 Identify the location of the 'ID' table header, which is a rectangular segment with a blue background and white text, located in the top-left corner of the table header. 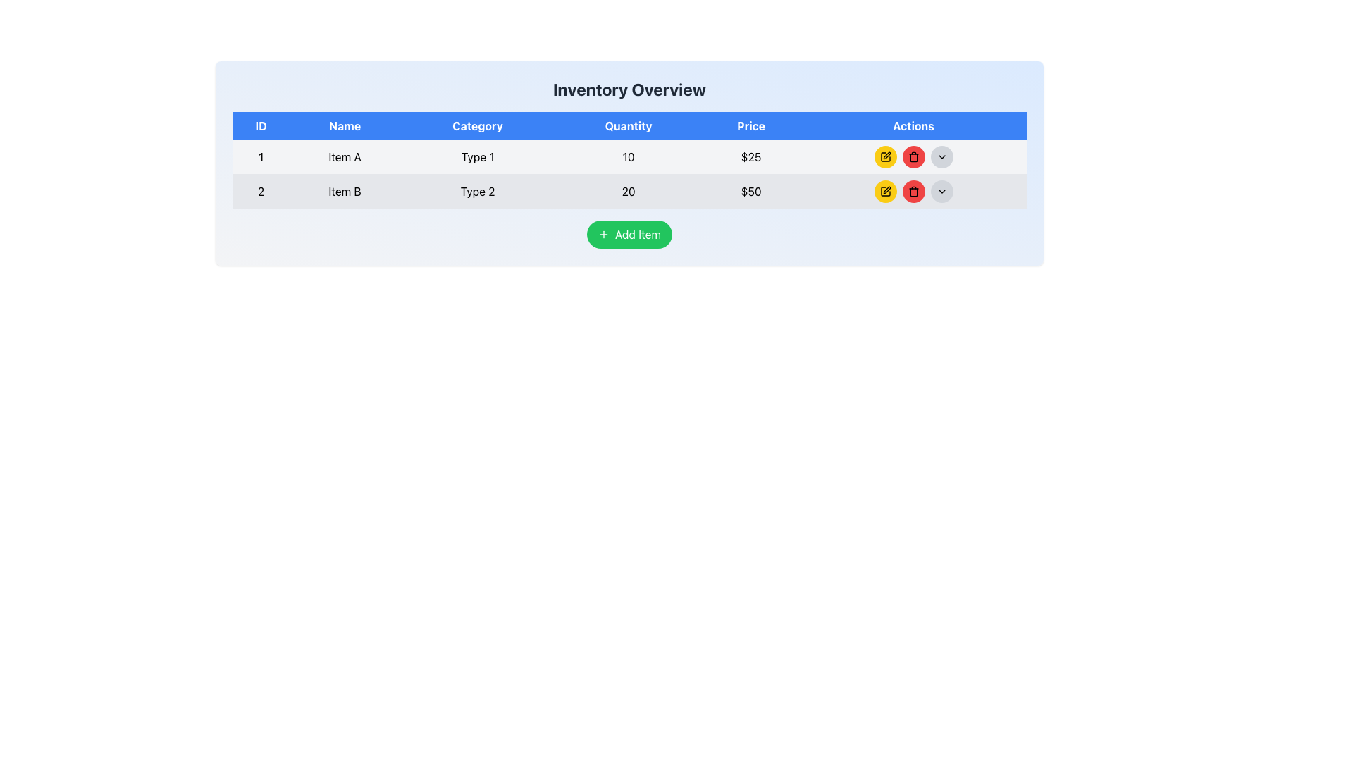
(261, 125).